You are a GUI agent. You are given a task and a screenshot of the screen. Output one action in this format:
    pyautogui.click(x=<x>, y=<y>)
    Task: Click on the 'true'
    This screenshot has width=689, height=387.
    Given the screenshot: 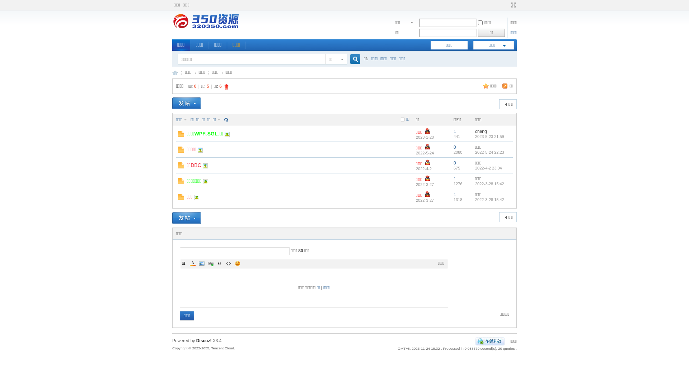 What is the action you would take?
    pyautogui.click(x=347, y=59)
    